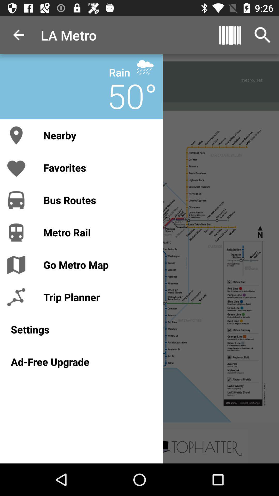  Describe the element at coordinates (81, 361) in the screenshot. I see `the item at the bottom left corner` at that location.